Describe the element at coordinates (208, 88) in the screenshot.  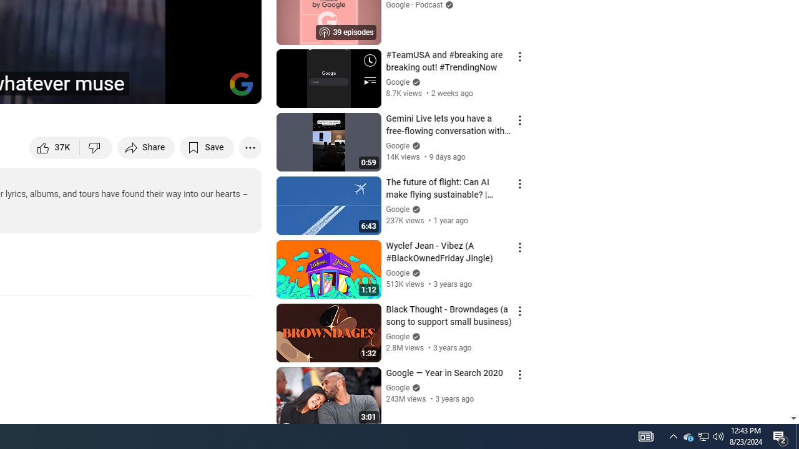
I see `'Theater mode (t)'` at that location.